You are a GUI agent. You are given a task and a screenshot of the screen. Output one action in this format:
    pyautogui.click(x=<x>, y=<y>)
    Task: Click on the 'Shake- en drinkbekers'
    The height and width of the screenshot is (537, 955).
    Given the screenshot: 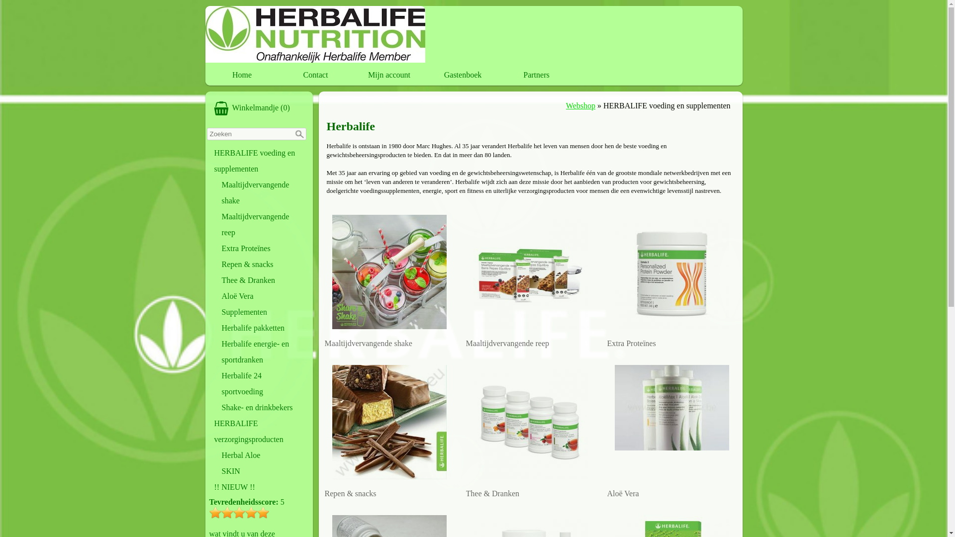 What is the action you would take?
    pyautogui.click(x=213, y=408)
    